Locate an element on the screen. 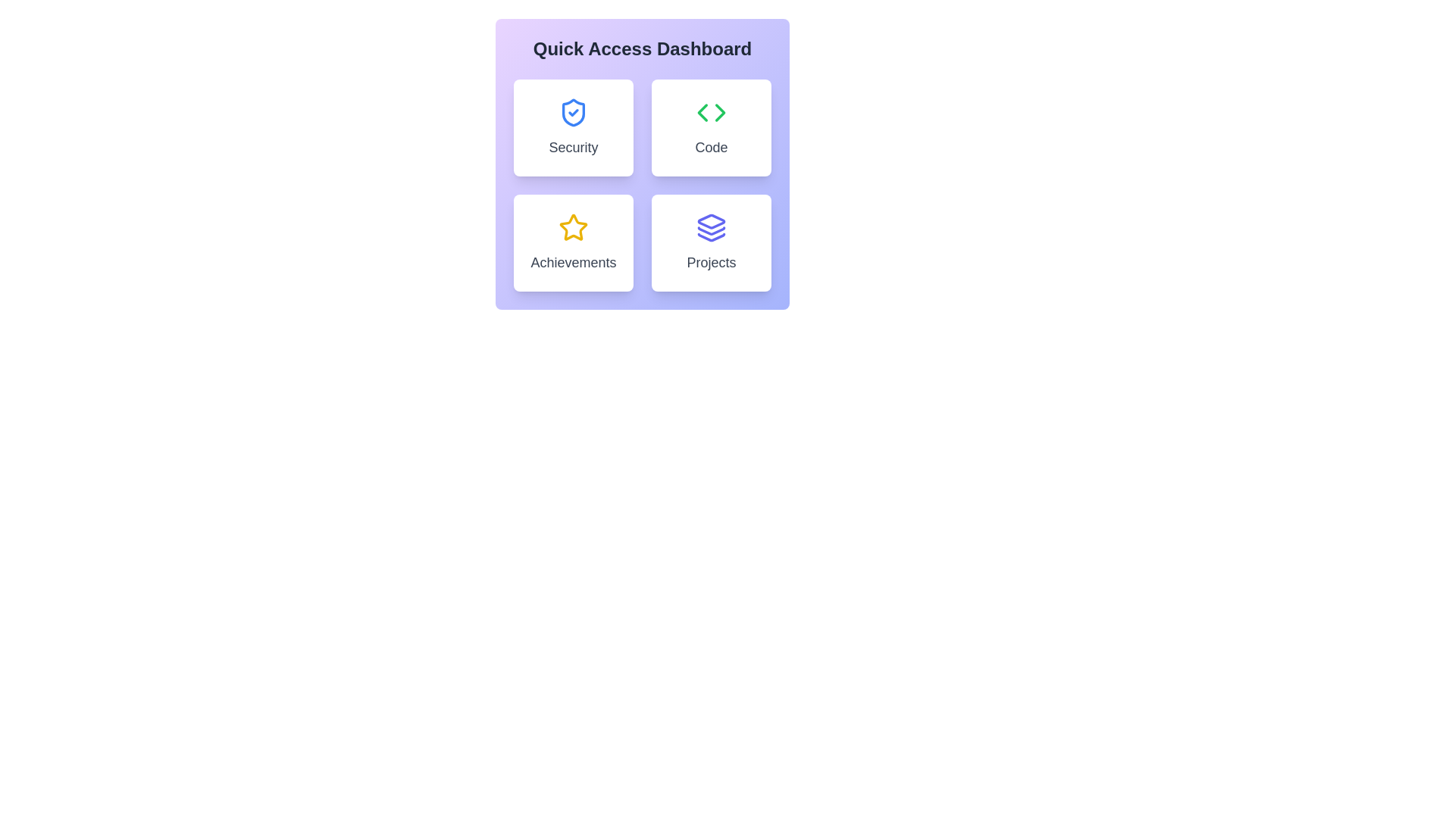 This screenshot has height=818, width=1455. the 'Achievements' link, which is a medium-sized gray text label located below the yellow star icon in the bottom-left quadrant of the card layout in the 'Quick Access Dashboard' is located at coordinates (573, 262).